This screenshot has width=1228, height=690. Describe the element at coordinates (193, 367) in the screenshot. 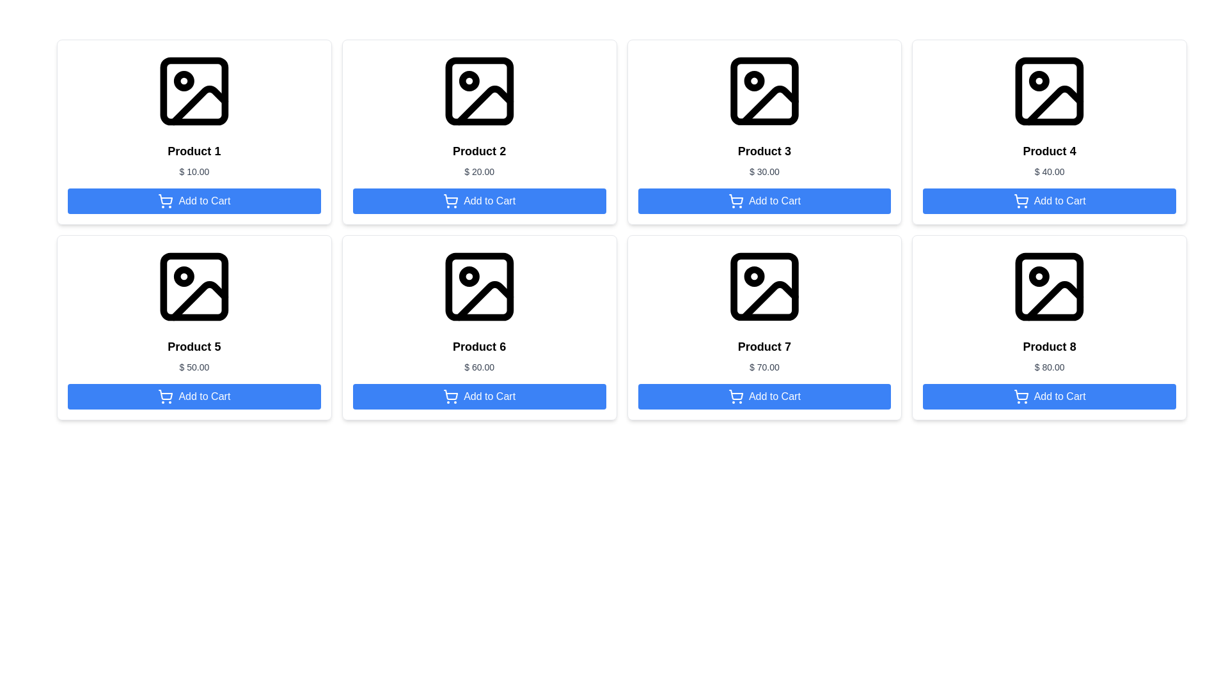

I see `the static text displaying the price of $50.00, which is located below the title 'Product 5' and above the blue 'Add to Cart' button within a product card` at that location.